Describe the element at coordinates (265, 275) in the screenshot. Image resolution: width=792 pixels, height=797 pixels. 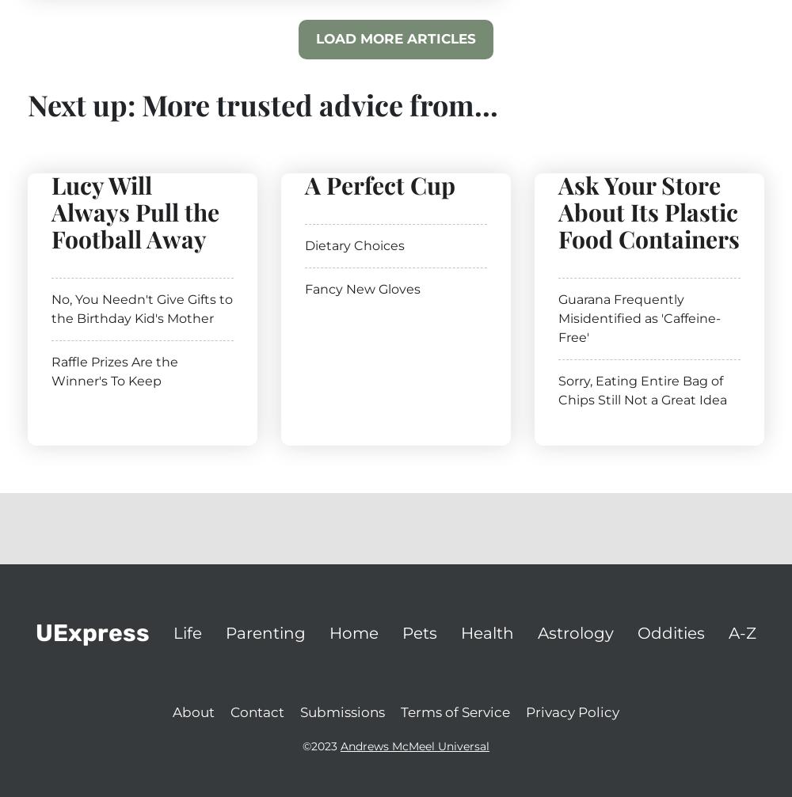
I see `'There are many different collective, or group, names for dogs, most of them related to hunting. These are called "terms of venery" and include "a mute of hounds," from the Old French "meute," meaning "pack" or "kennel"; "a leash of Greyhounds"; and "a couple of spaniels." In modern times, dog-loving wordsmiths have invented their own fanciful collective terms for specific breeds, drawing on wit and word play: a waddle of Pekingese, a snobbery of salukis, a rumble of Rottweilers, a snap of whippets, a grin of Japanese chin, a bounce of beardies, a shiver of Chihuahuas. I'm partial to a court of Cavaliers, myself.'` at that location.